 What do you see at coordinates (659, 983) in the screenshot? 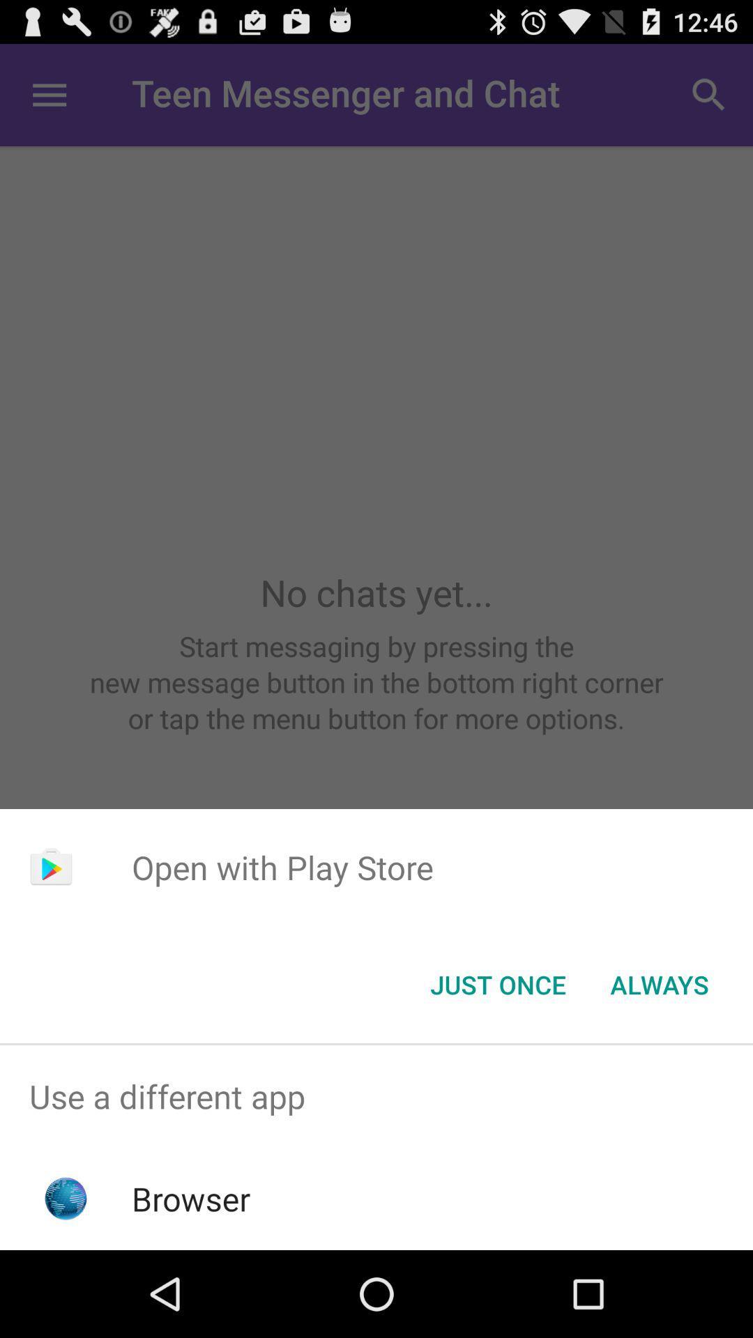
I see `button to the right of the just once icon` at bounding box center [659, 983].